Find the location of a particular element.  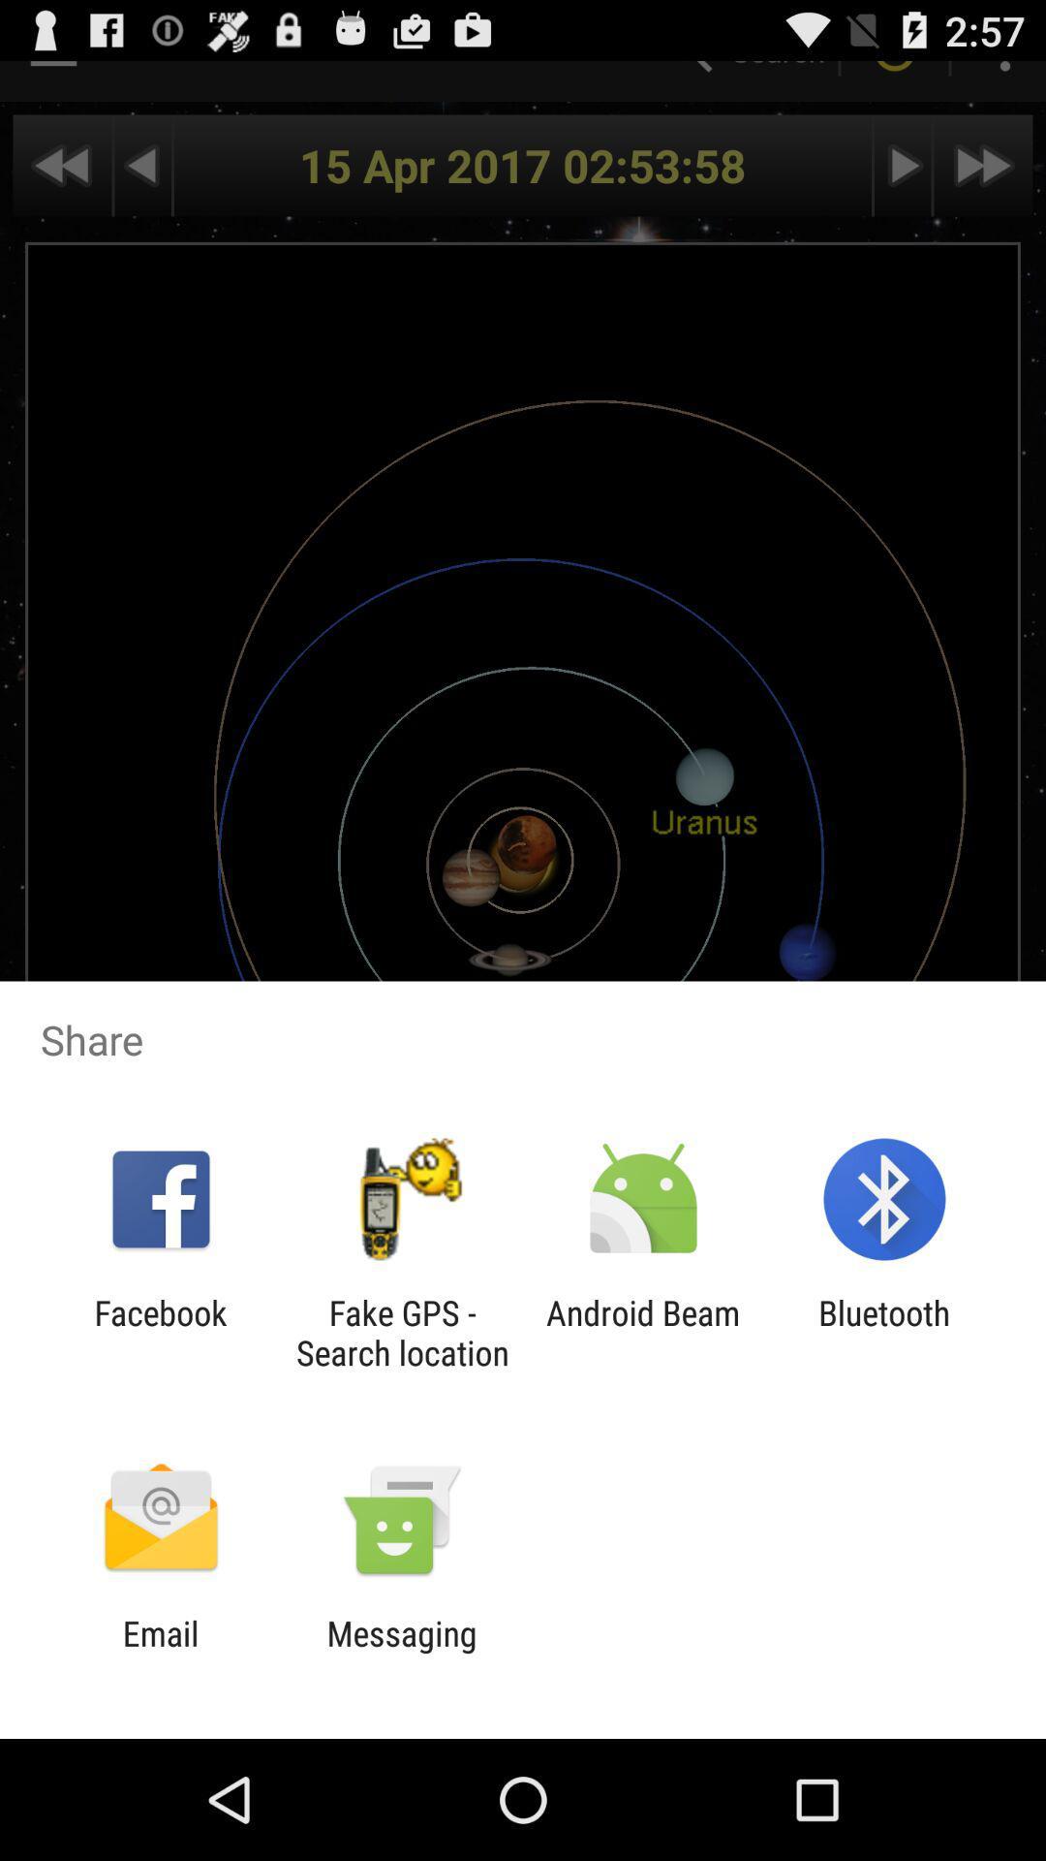

bluetooth at the bottom right corner is located at coordinates (884, 1332).